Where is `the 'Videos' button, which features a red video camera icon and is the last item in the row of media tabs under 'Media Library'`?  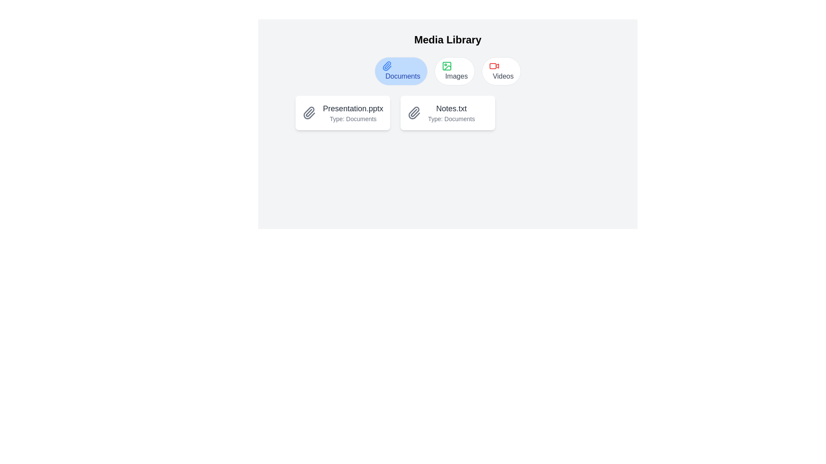 the 'Videos' button, which features a red video camera icon and is the last item in the row of media tabs under 'Media Library' is located at coordinates (501, 70).